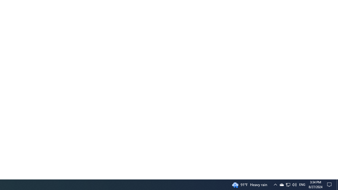  I want to click on 'User Promoted Notification Area', so click(275, 184).